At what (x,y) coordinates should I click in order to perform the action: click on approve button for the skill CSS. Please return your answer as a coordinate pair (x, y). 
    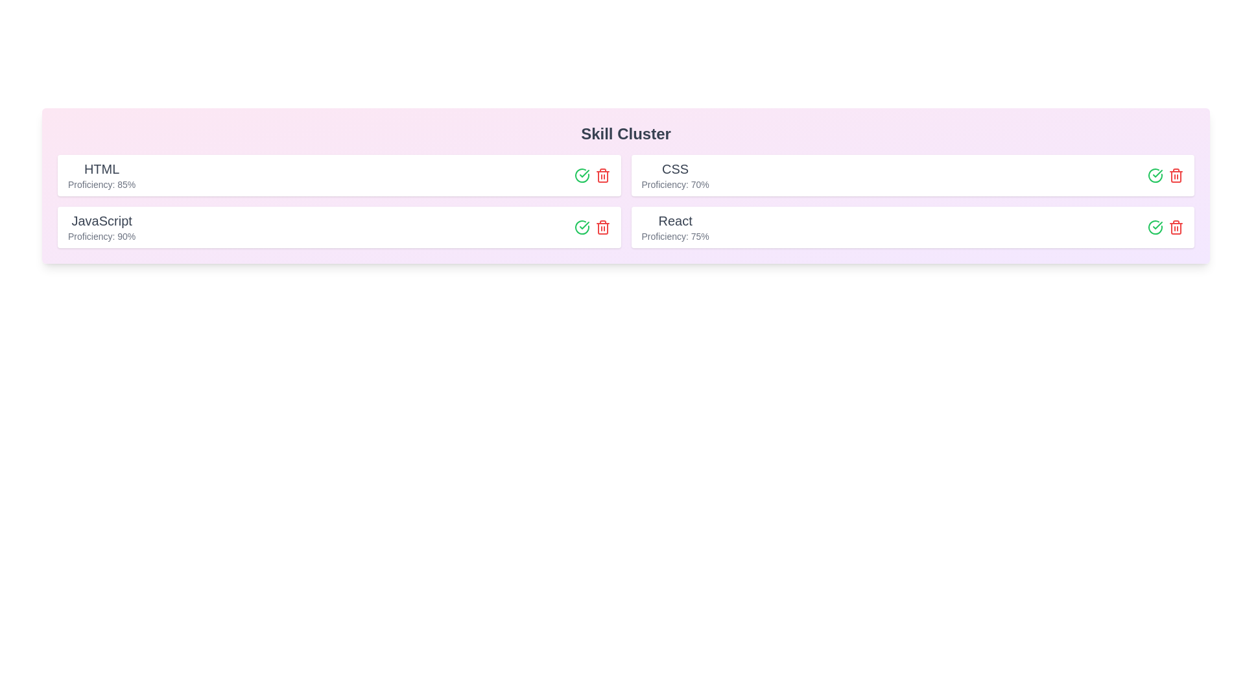
    Looking at the image, I should click on (1155, 175).